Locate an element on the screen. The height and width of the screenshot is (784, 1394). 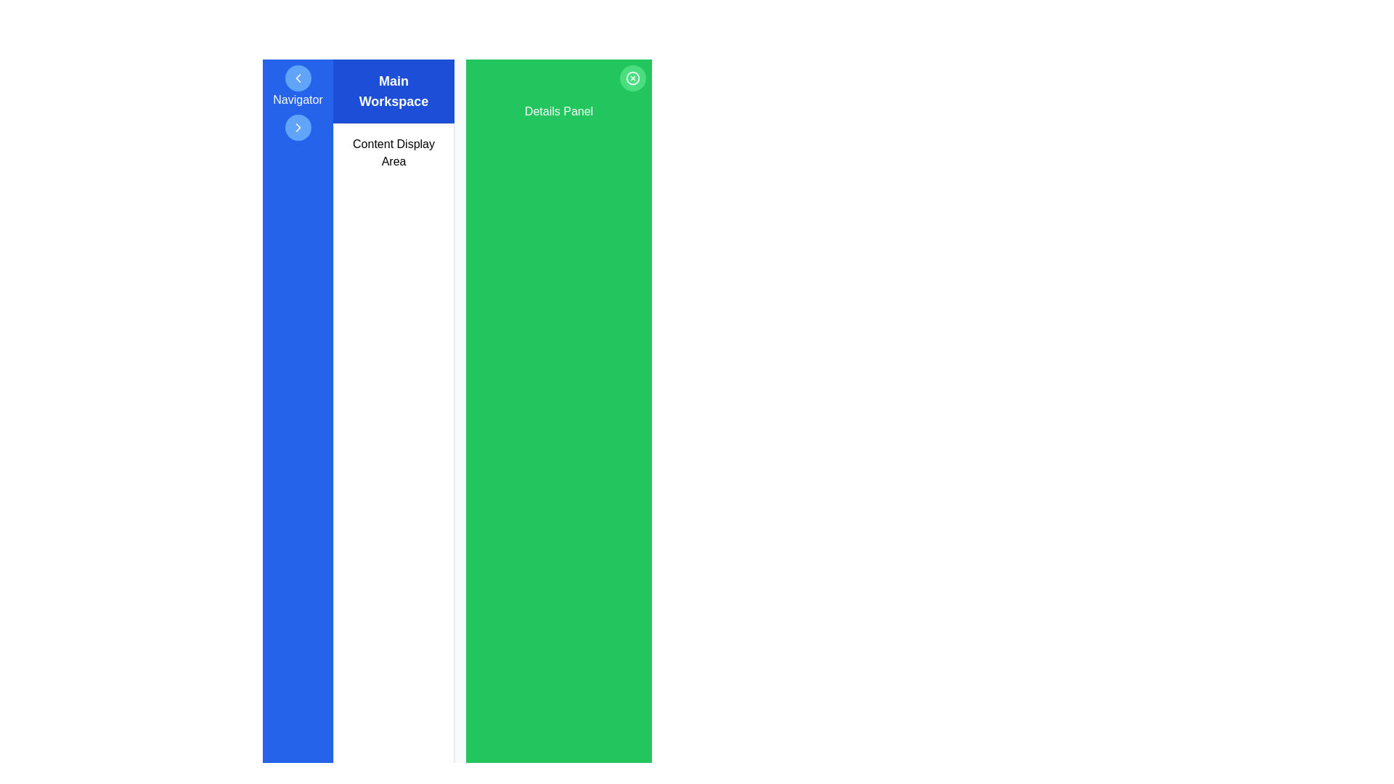
the Chevron Right icon within the blue circular button in the left navigation column, located below the back arrow button and adjacent to the heading 'Navigator' is located at coordinates (297, 127).